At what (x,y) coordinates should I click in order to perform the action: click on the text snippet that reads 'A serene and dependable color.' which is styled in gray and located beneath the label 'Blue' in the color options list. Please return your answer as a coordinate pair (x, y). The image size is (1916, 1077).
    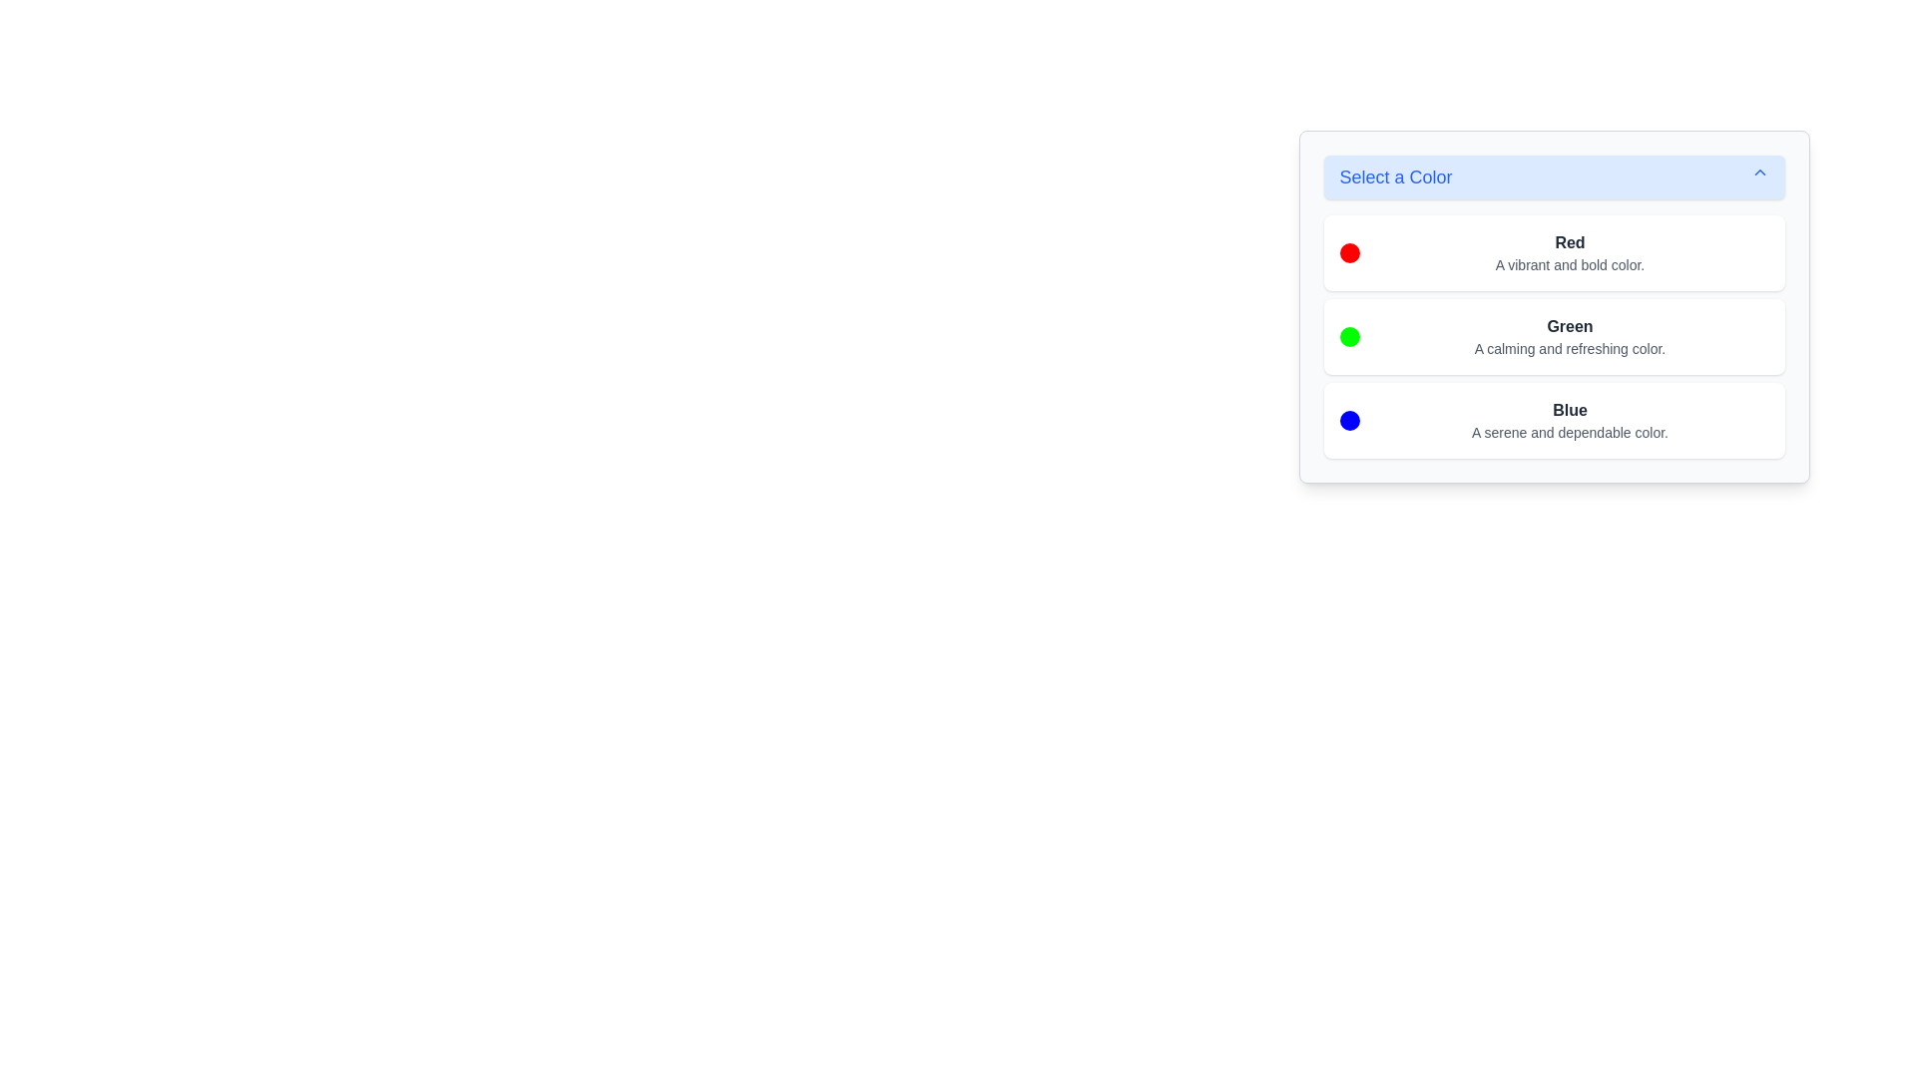
    Looking at the image, I should click on (1569, 432).